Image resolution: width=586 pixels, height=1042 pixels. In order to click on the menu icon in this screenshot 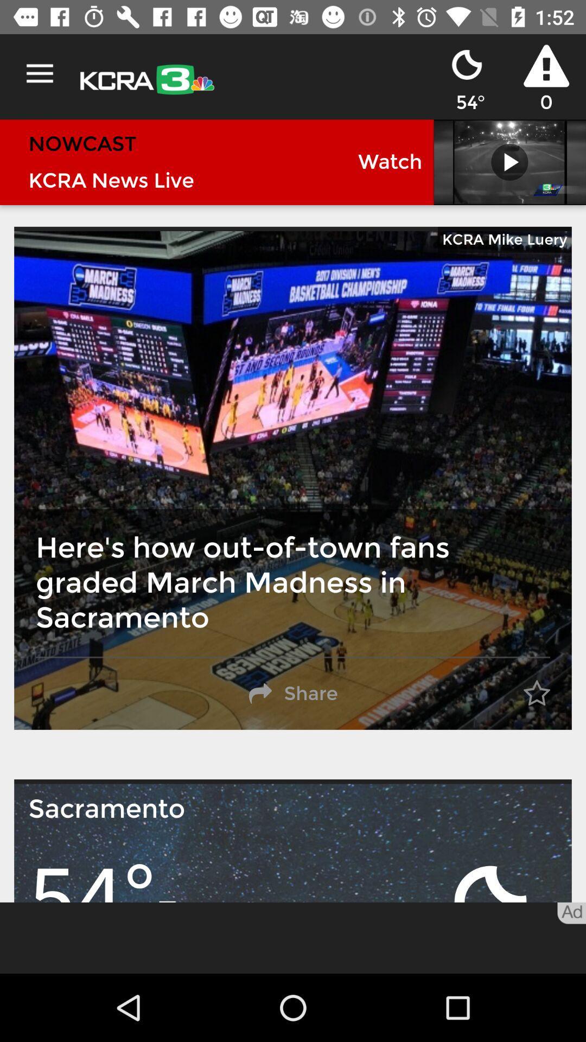, I will do `click(39, 73)`.